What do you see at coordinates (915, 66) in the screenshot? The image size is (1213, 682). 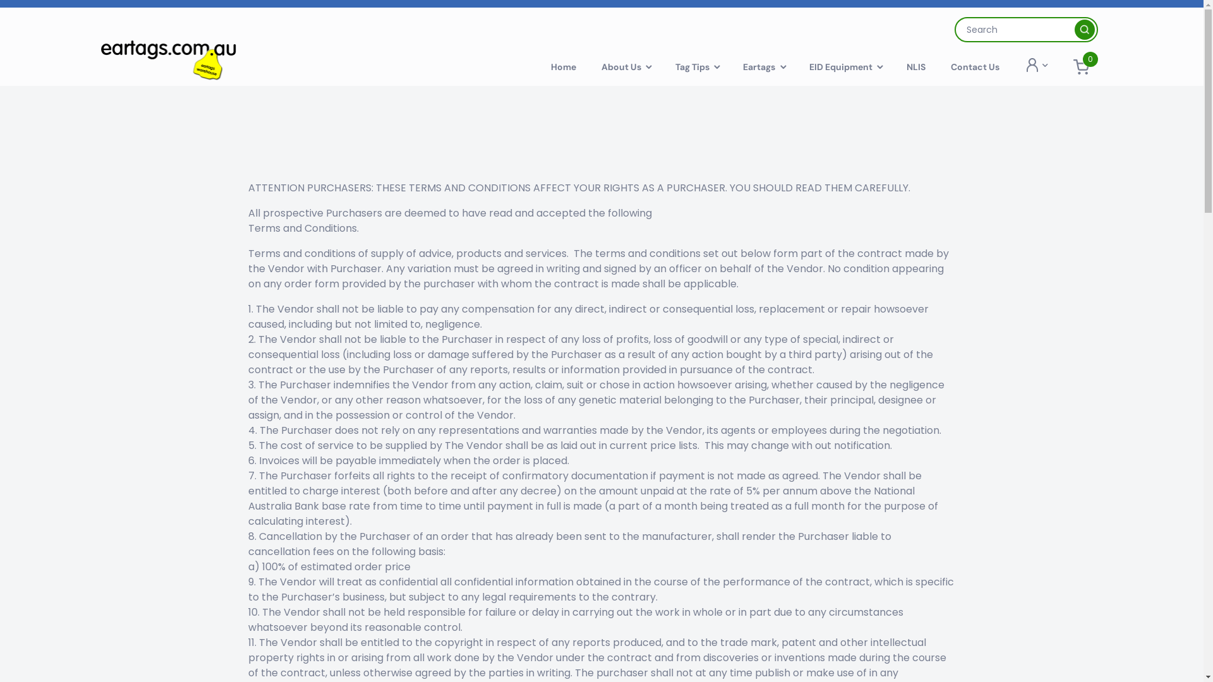 I see `'NLIS'` at bounding box center [915, 66].